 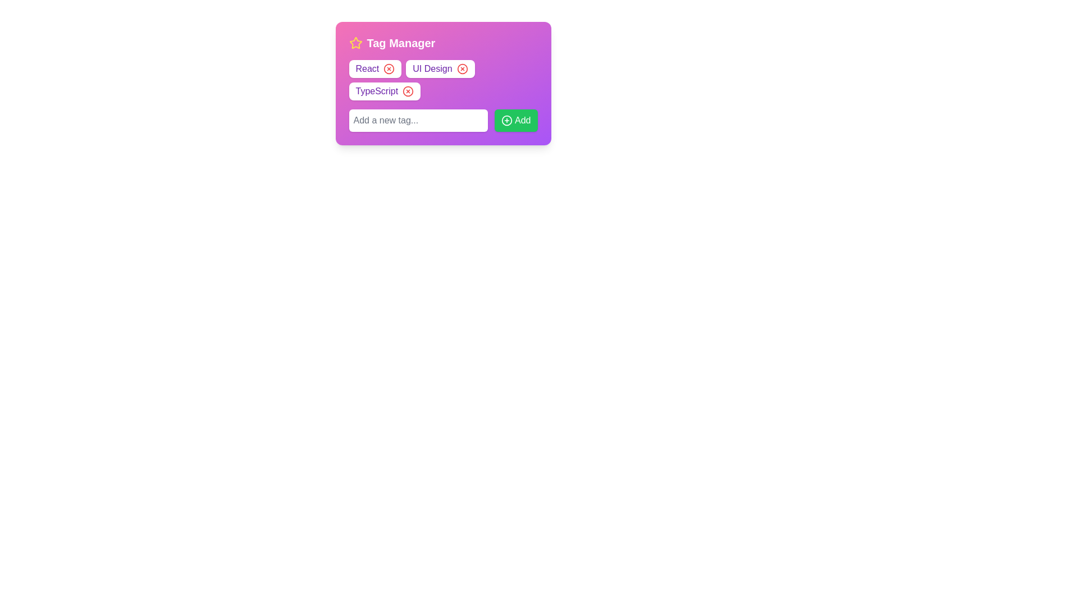 What do you see at coordinates (375, 69) in the screenshot?
I see `the red button` at bounding box center [375, 69].